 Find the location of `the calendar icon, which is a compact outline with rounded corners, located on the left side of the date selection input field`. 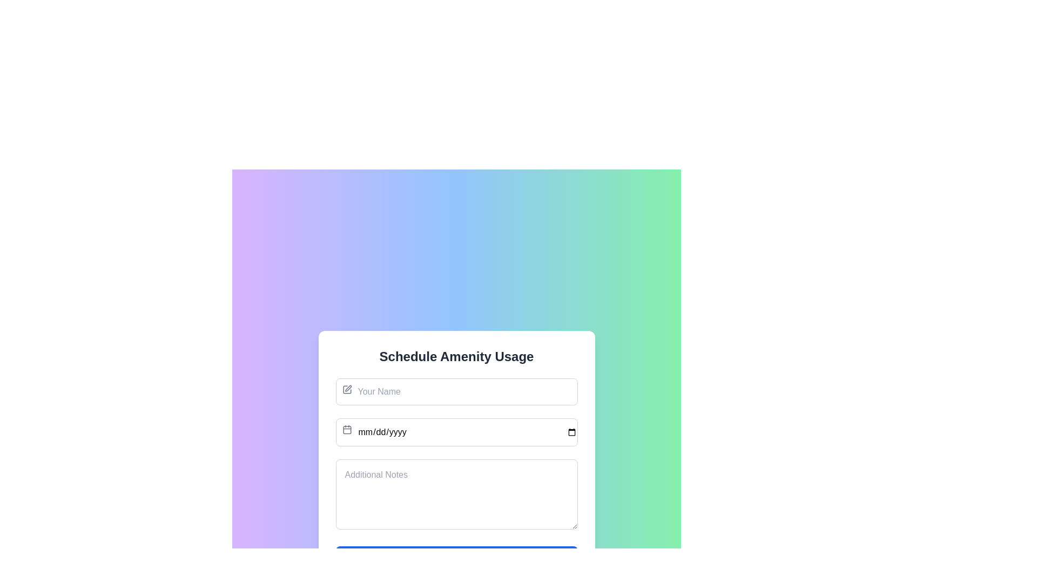

the calendar icon, which is a compact outline with rounded corners, located on the left side of the date selection input field is located at coordinates (347, 429).